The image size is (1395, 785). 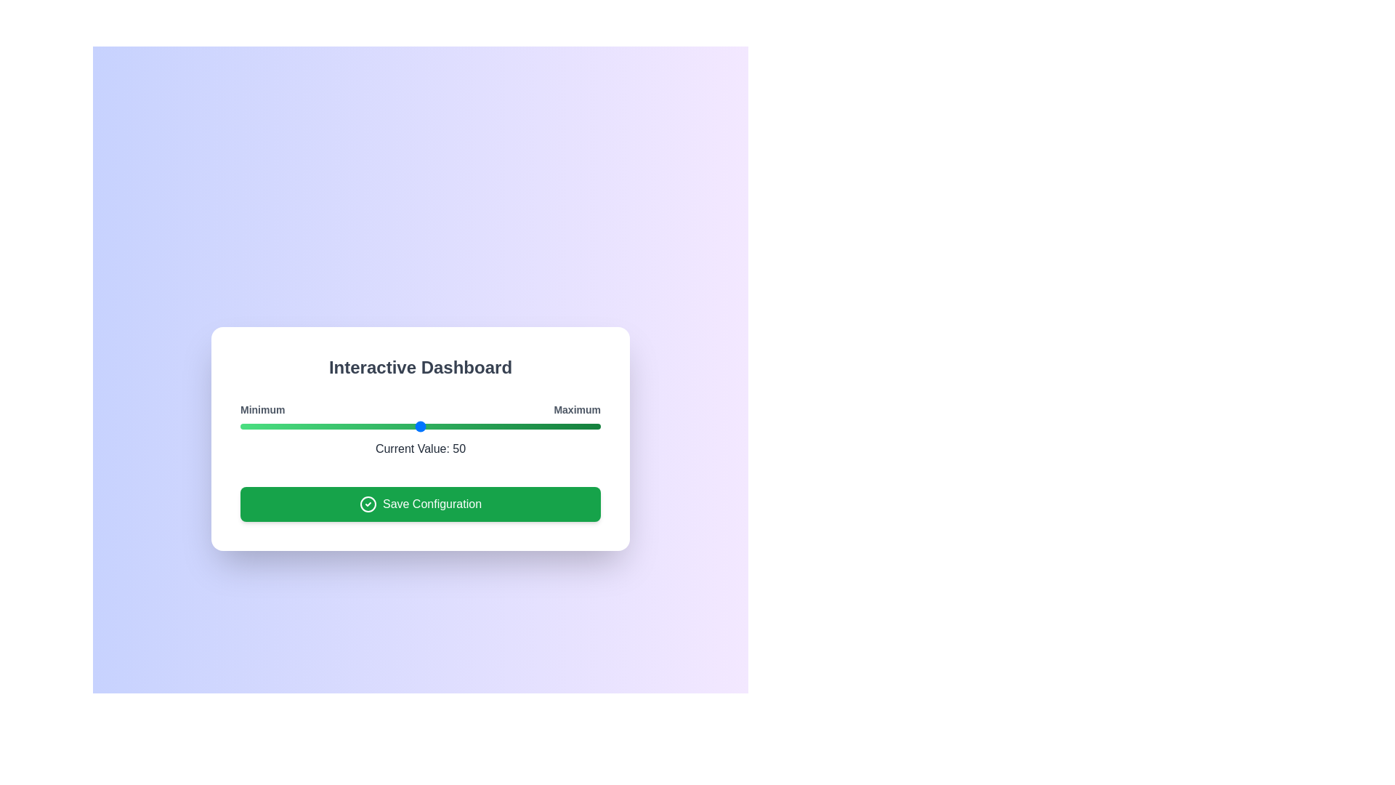 I want to click on the slider to set the value to 19, so click(x=308, y=425).